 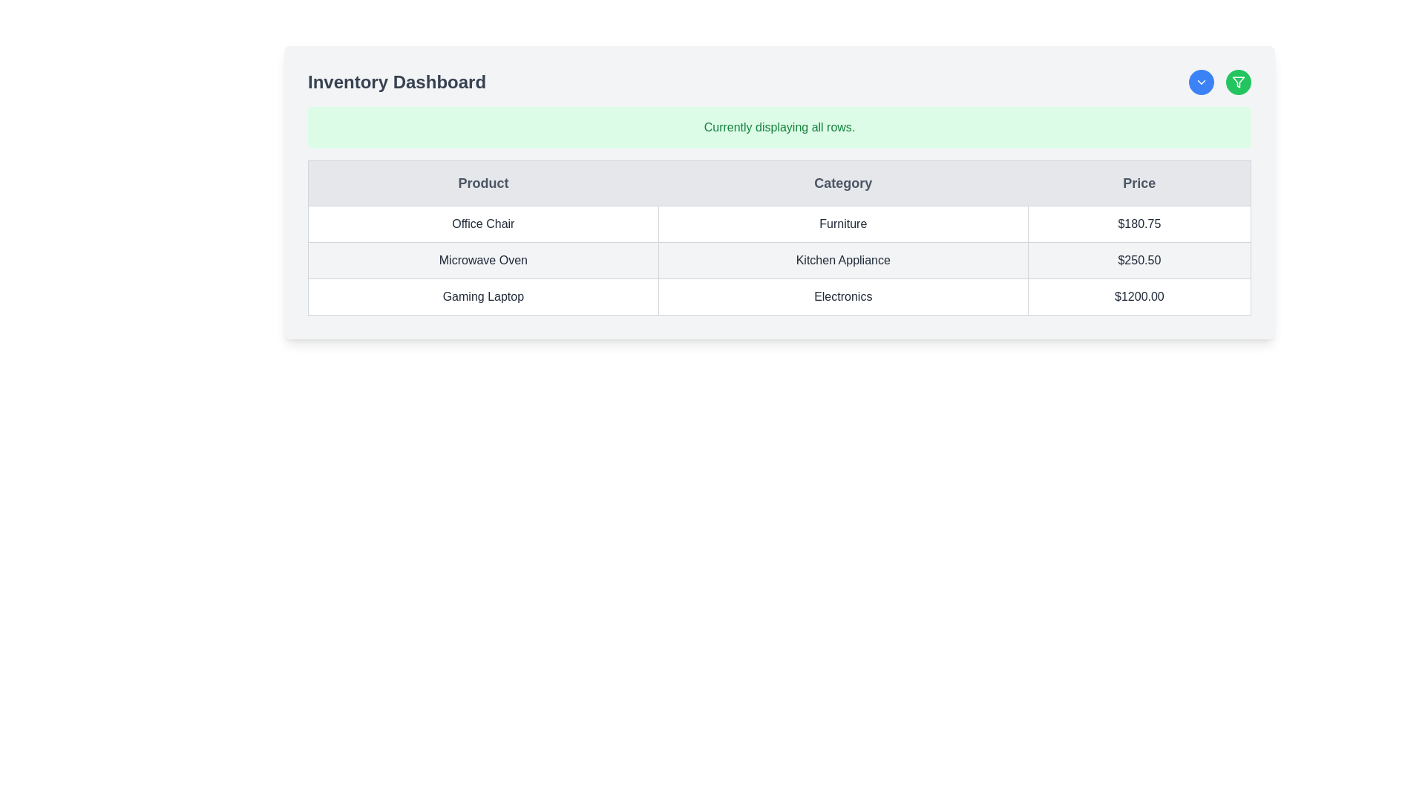 I want to click on the Text label indicating the current status of the application, which is centrally located in a green banner beneath the 'Inventory Dashboard' header, so click(x=779, y=127).